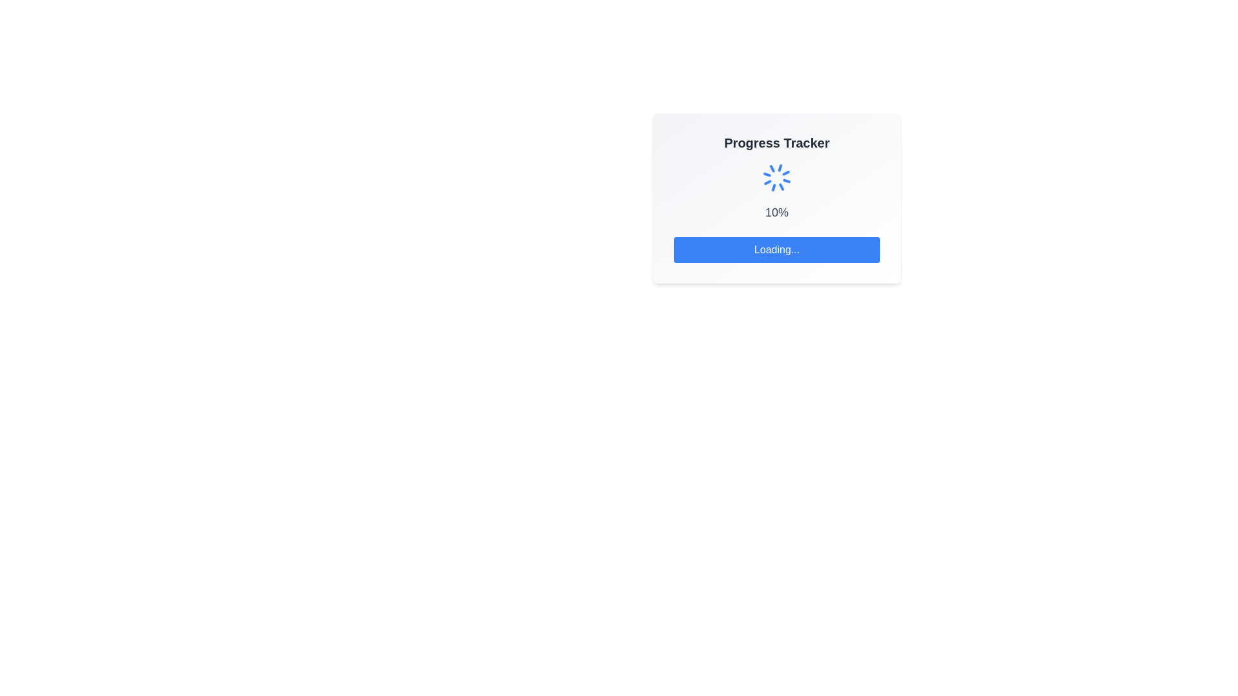 The width and height of the screenshot is (1238, 696). What do you see at coordinates (776, 143) in the screenshot?
I see `text label that serves as a title for the progress tracking card, positioned at the top above the loading spinner and progress percentage` at bounding box center [776, 143].